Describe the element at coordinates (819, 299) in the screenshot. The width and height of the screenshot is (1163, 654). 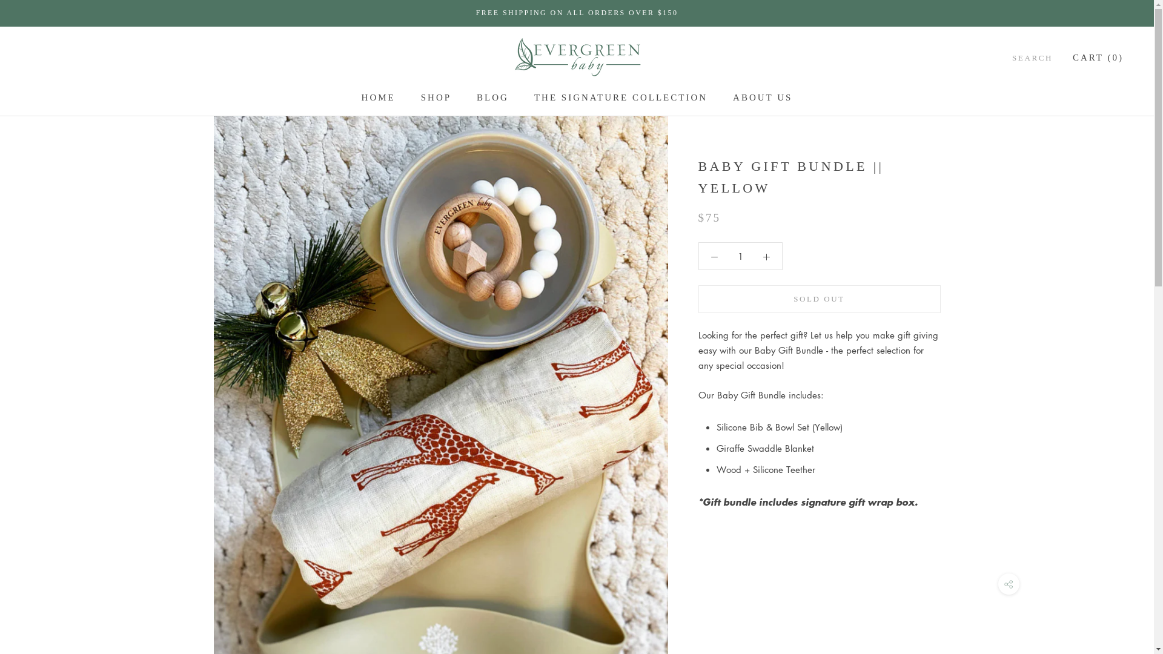
I see `'SOLD OUT'` at that location.